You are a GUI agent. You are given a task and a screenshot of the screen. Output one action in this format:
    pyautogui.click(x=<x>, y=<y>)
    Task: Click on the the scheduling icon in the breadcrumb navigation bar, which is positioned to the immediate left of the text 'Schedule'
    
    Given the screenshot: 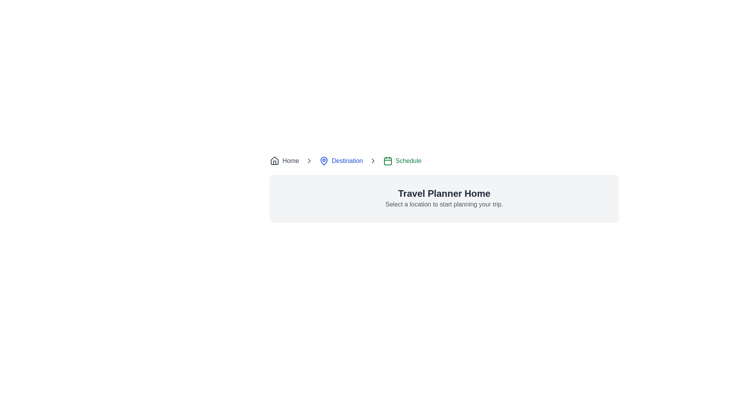 What is the action you would take?
    pyautogui.click(x=388, y=160)
    